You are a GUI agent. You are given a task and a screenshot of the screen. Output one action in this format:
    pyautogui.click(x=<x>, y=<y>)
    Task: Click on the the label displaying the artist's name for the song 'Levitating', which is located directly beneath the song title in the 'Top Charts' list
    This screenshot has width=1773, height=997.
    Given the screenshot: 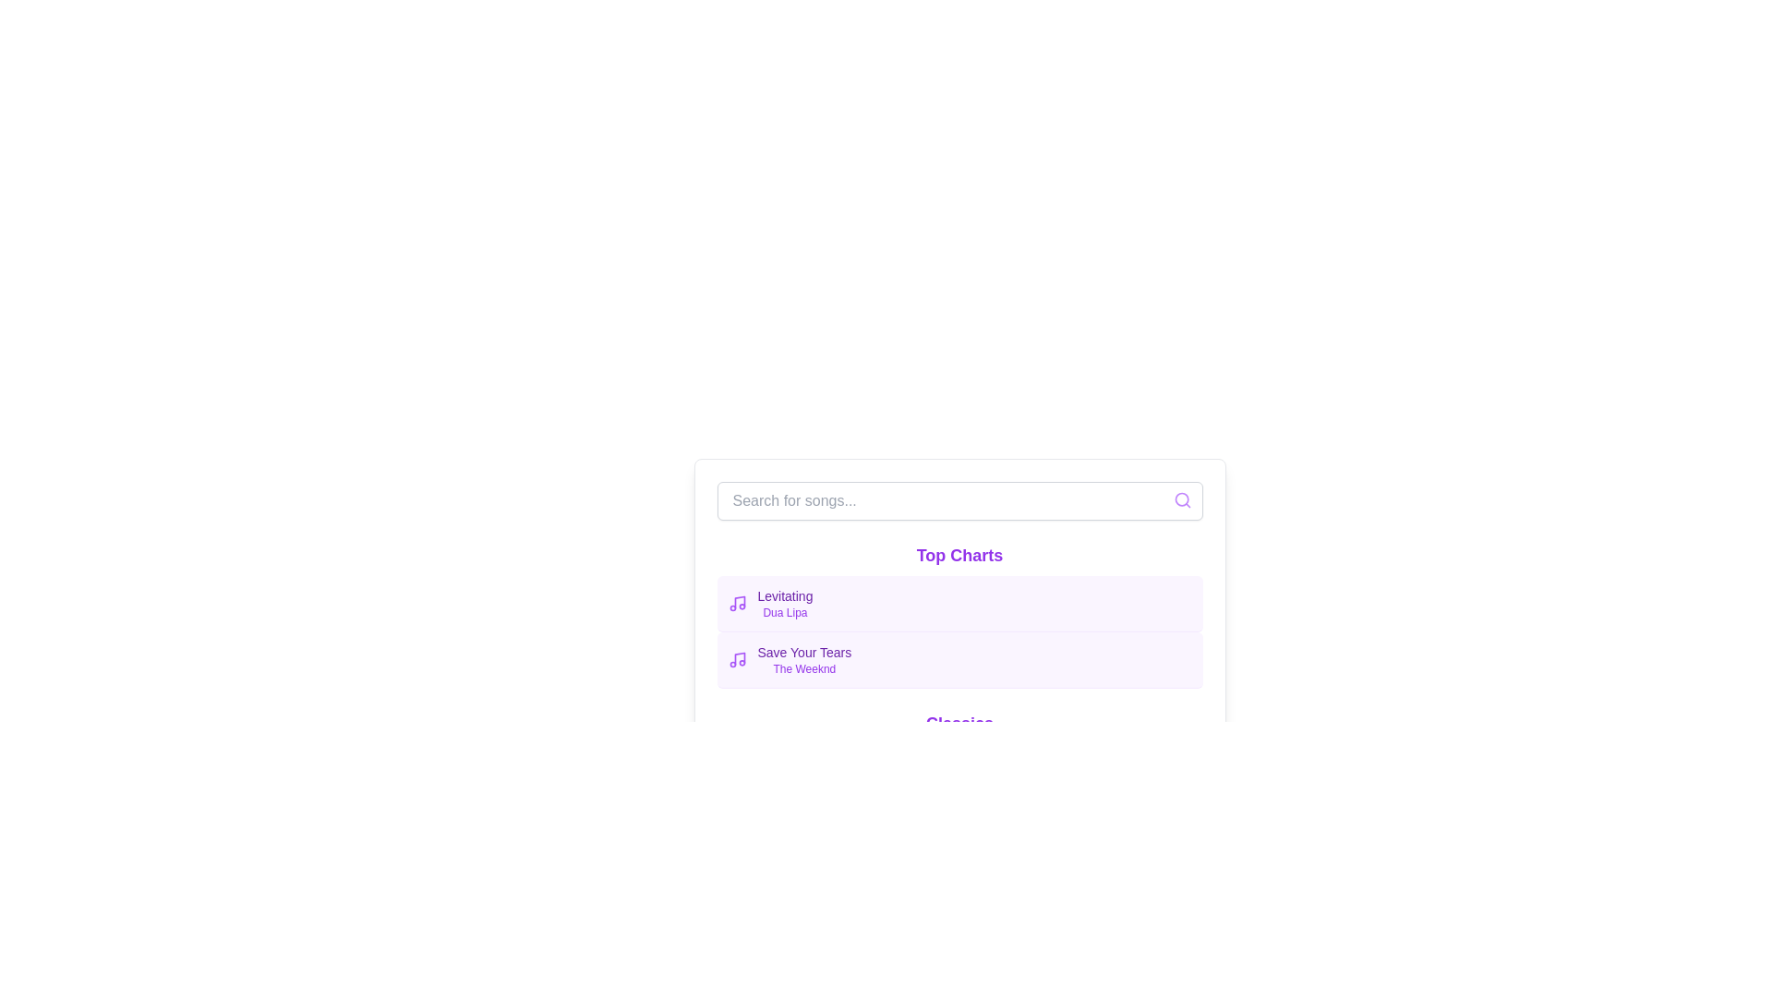 What is the action you would take?
    pyautogui.click(x=785, y=612)
    